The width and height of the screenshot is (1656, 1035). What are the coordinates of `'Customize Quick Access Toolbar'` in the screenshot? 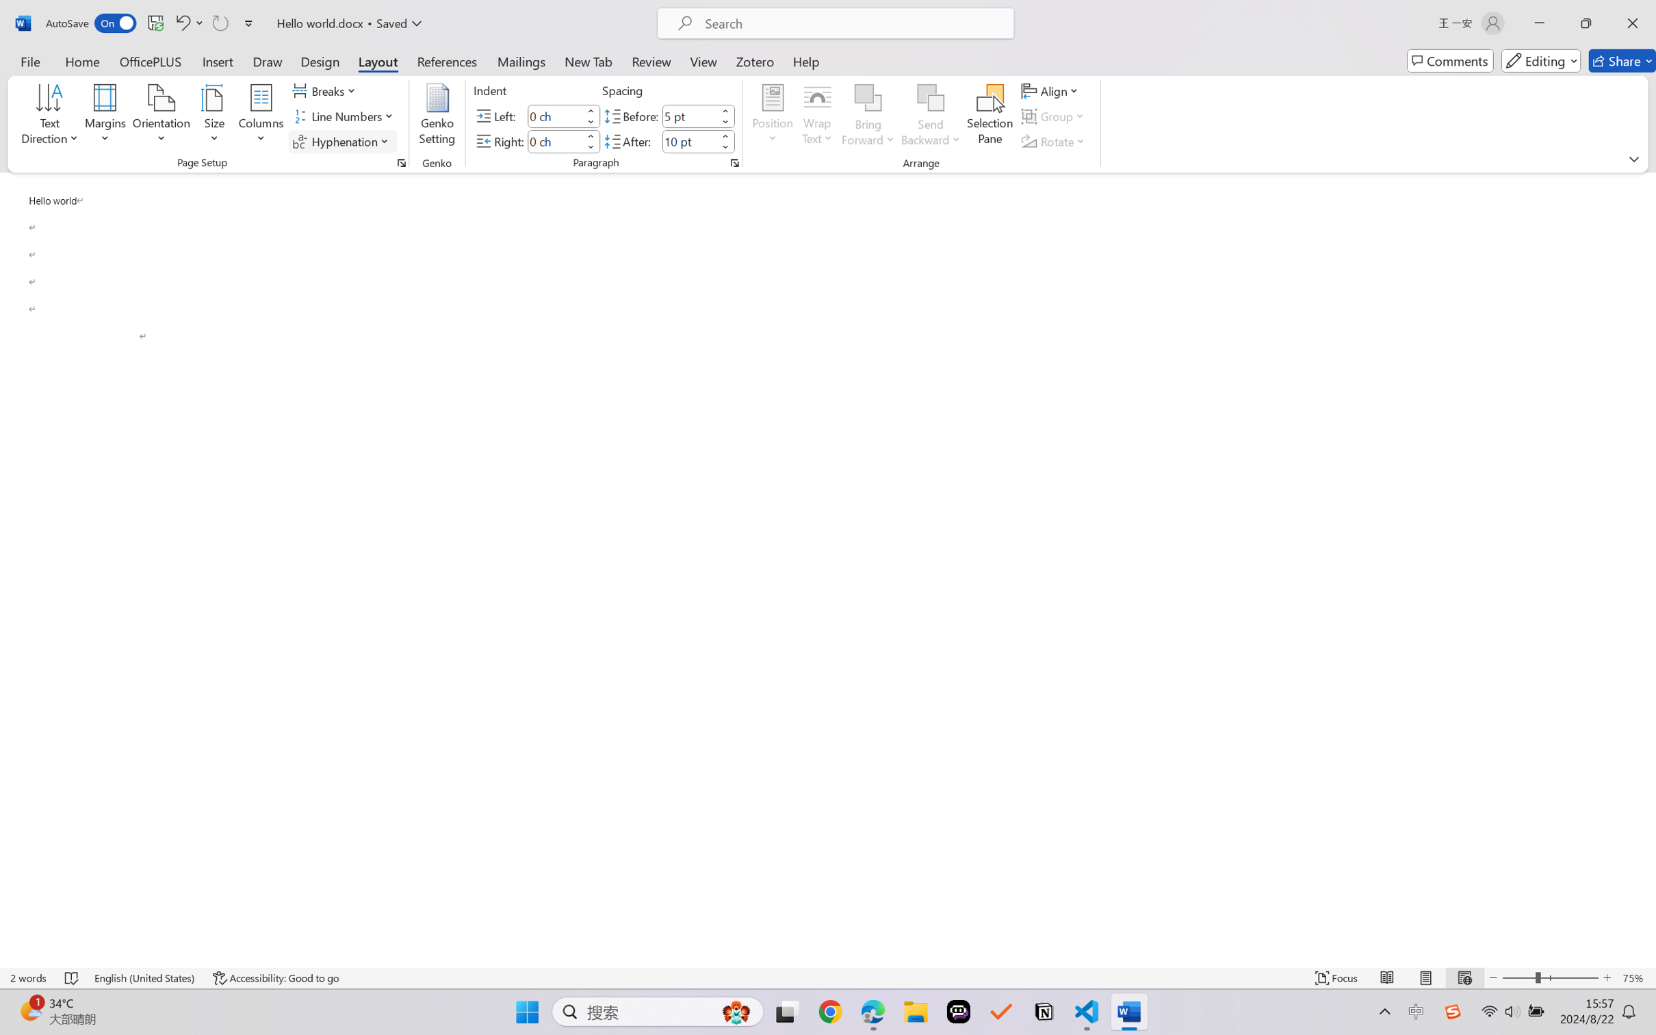 It's located at (248, 23).